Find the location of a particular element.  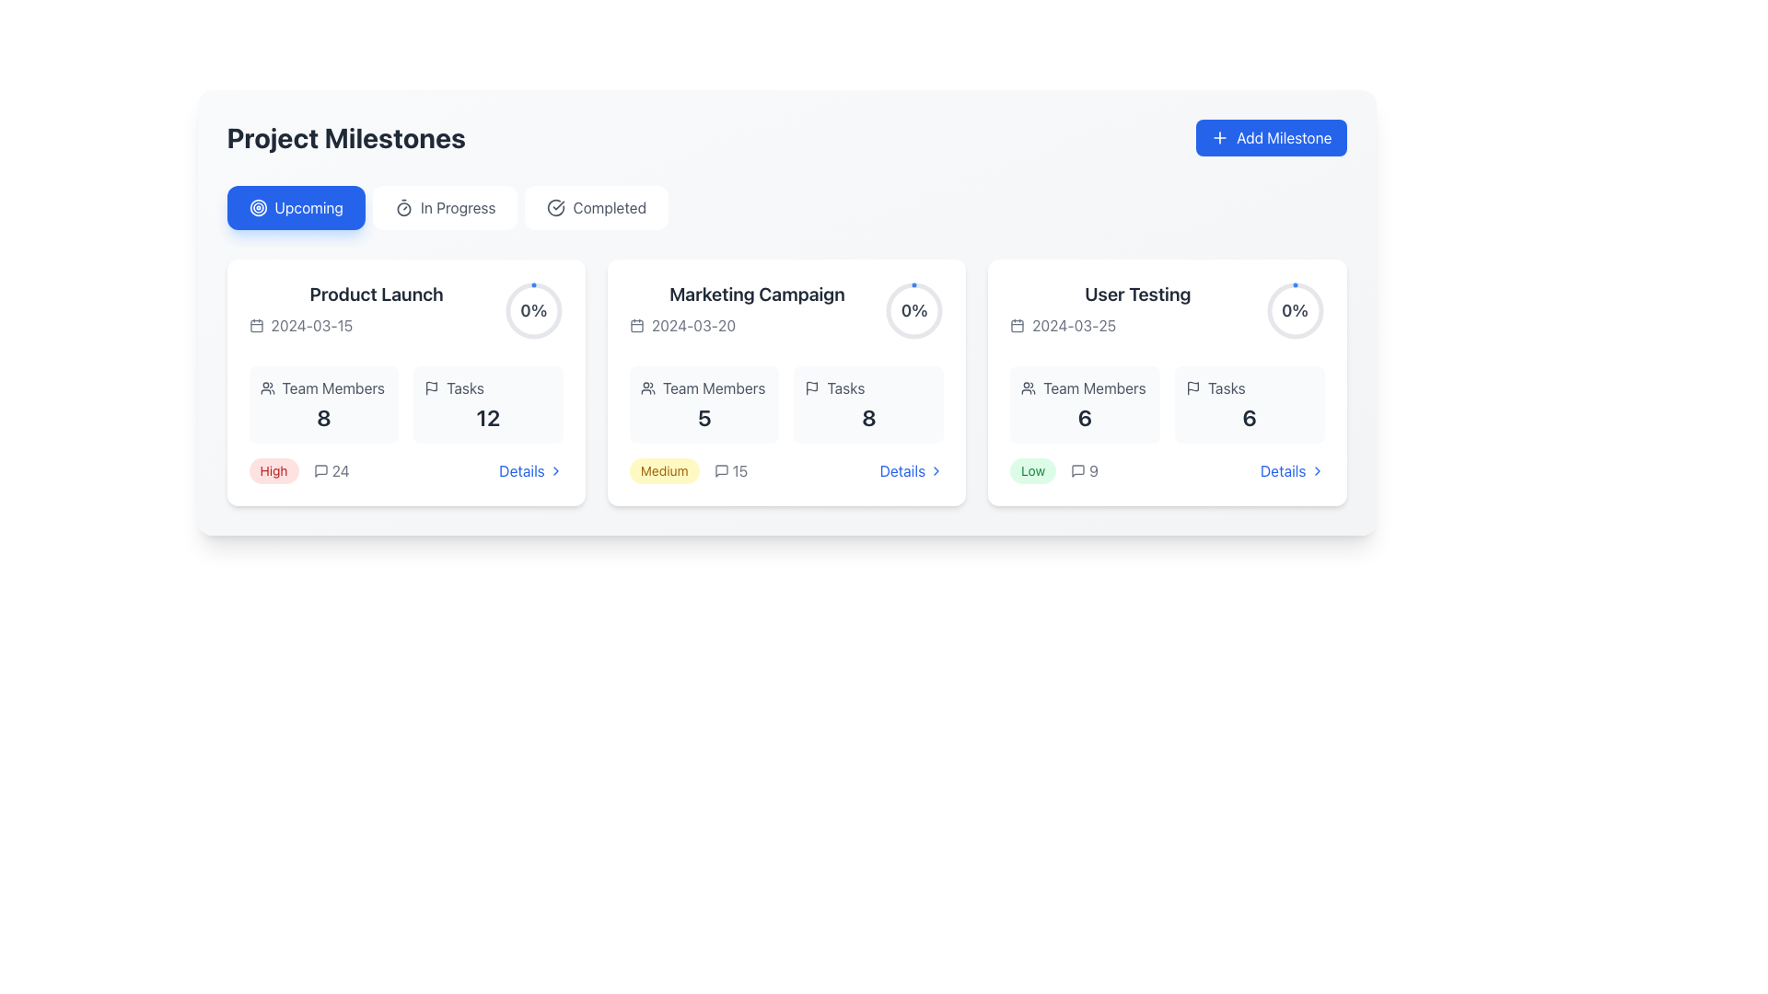

static text label that displays 'Product Launch', which is prominently styled in bold dark gray font in the upper section of the first milestone card is located at coordinates (376, 294).